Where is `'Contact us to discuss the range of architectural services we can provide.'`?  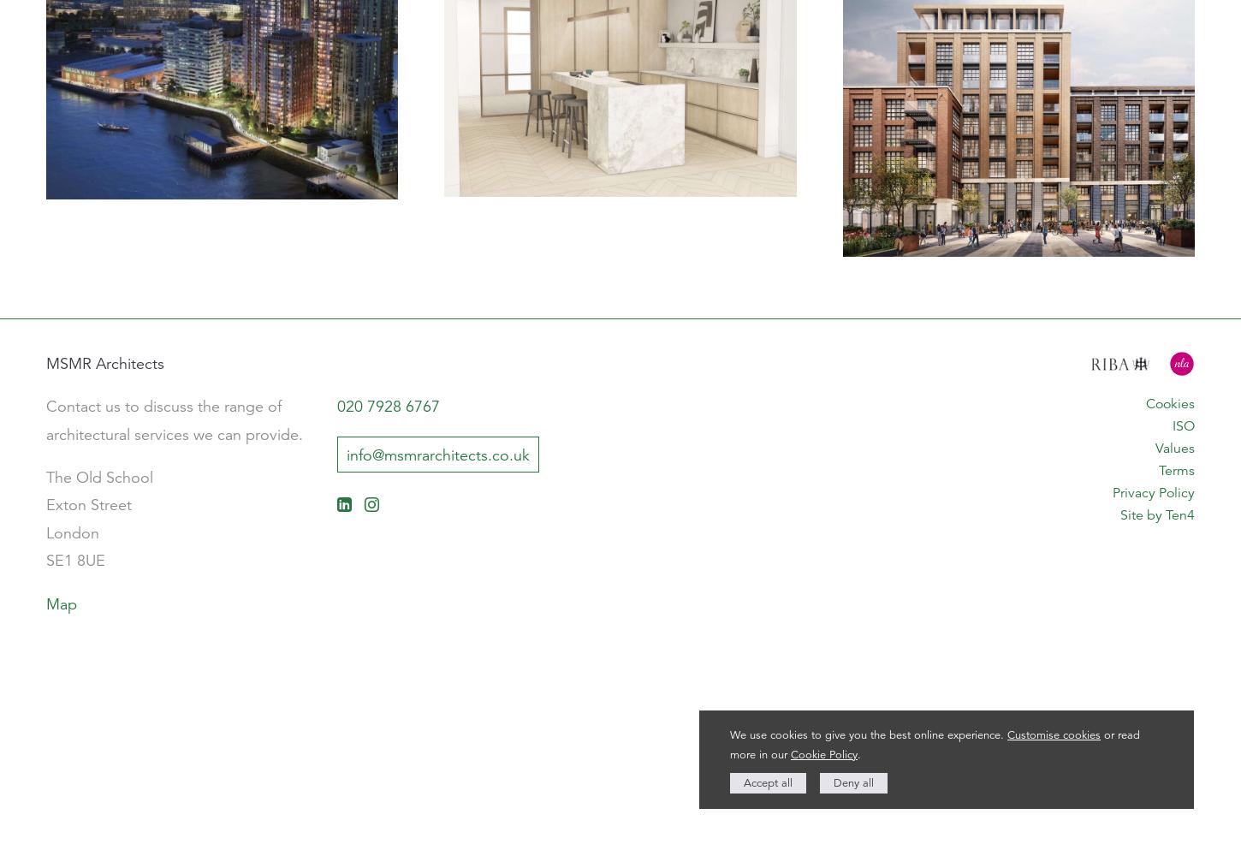
'Contact us to discuss the range of architectural services we can provide.' is located at coordinates (174, 419).